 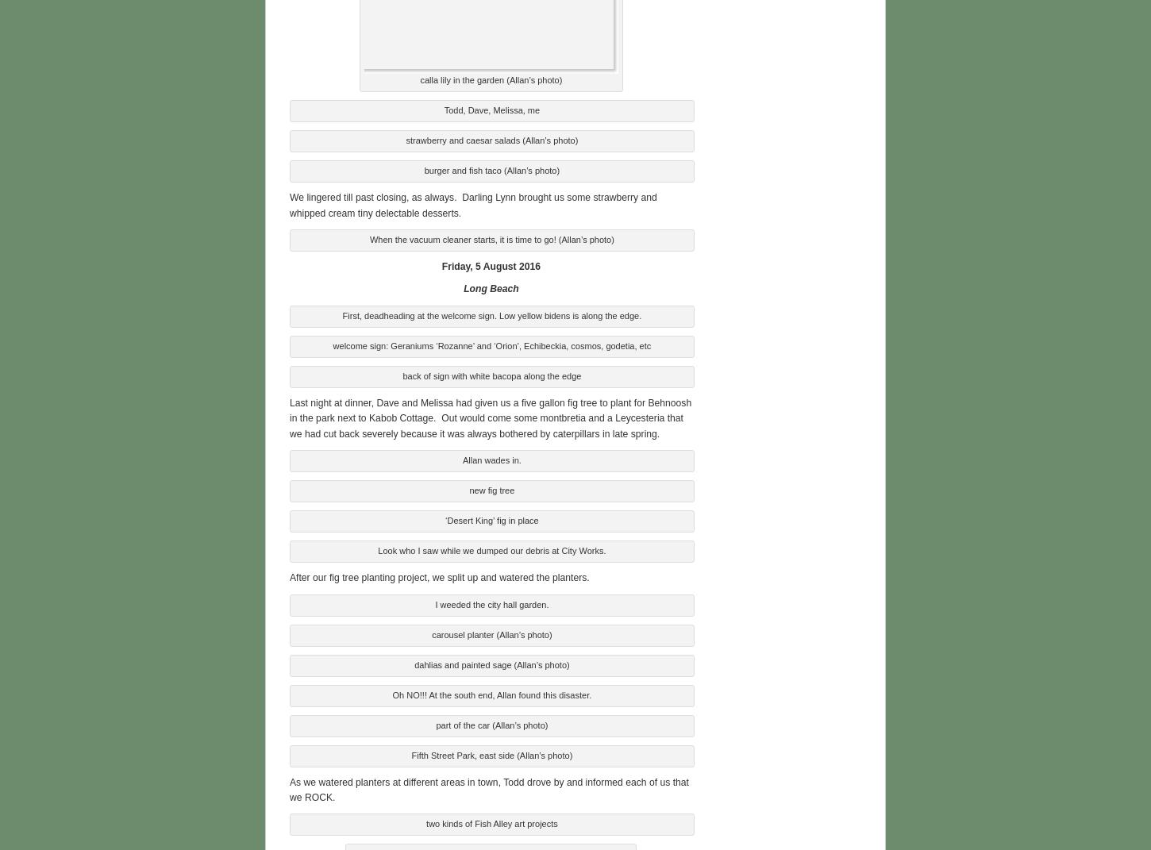 I want to click on 'Last night at dinner, Dave and Melissa had given us a five gallon fig tree to plant for Behnoosh in the park next to Kabob Cottage.  Out would come some montbretia and a Leycesteria that we had cut back severely because it was always bothered by caterpillars in late spring.', so click(x=489, y=415).